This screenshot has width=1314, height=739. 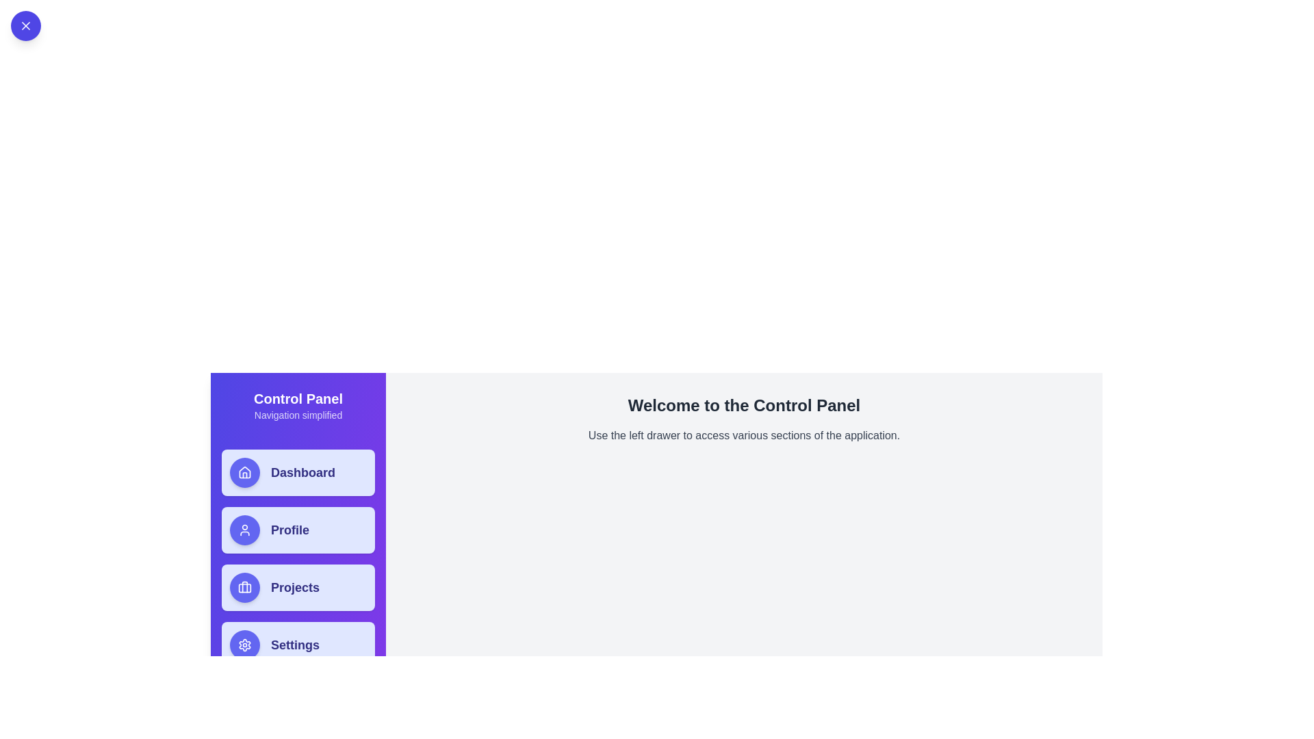 I want to click on the drawer element labeled Settings to observe its hover effect, so click(x=298, y=645).